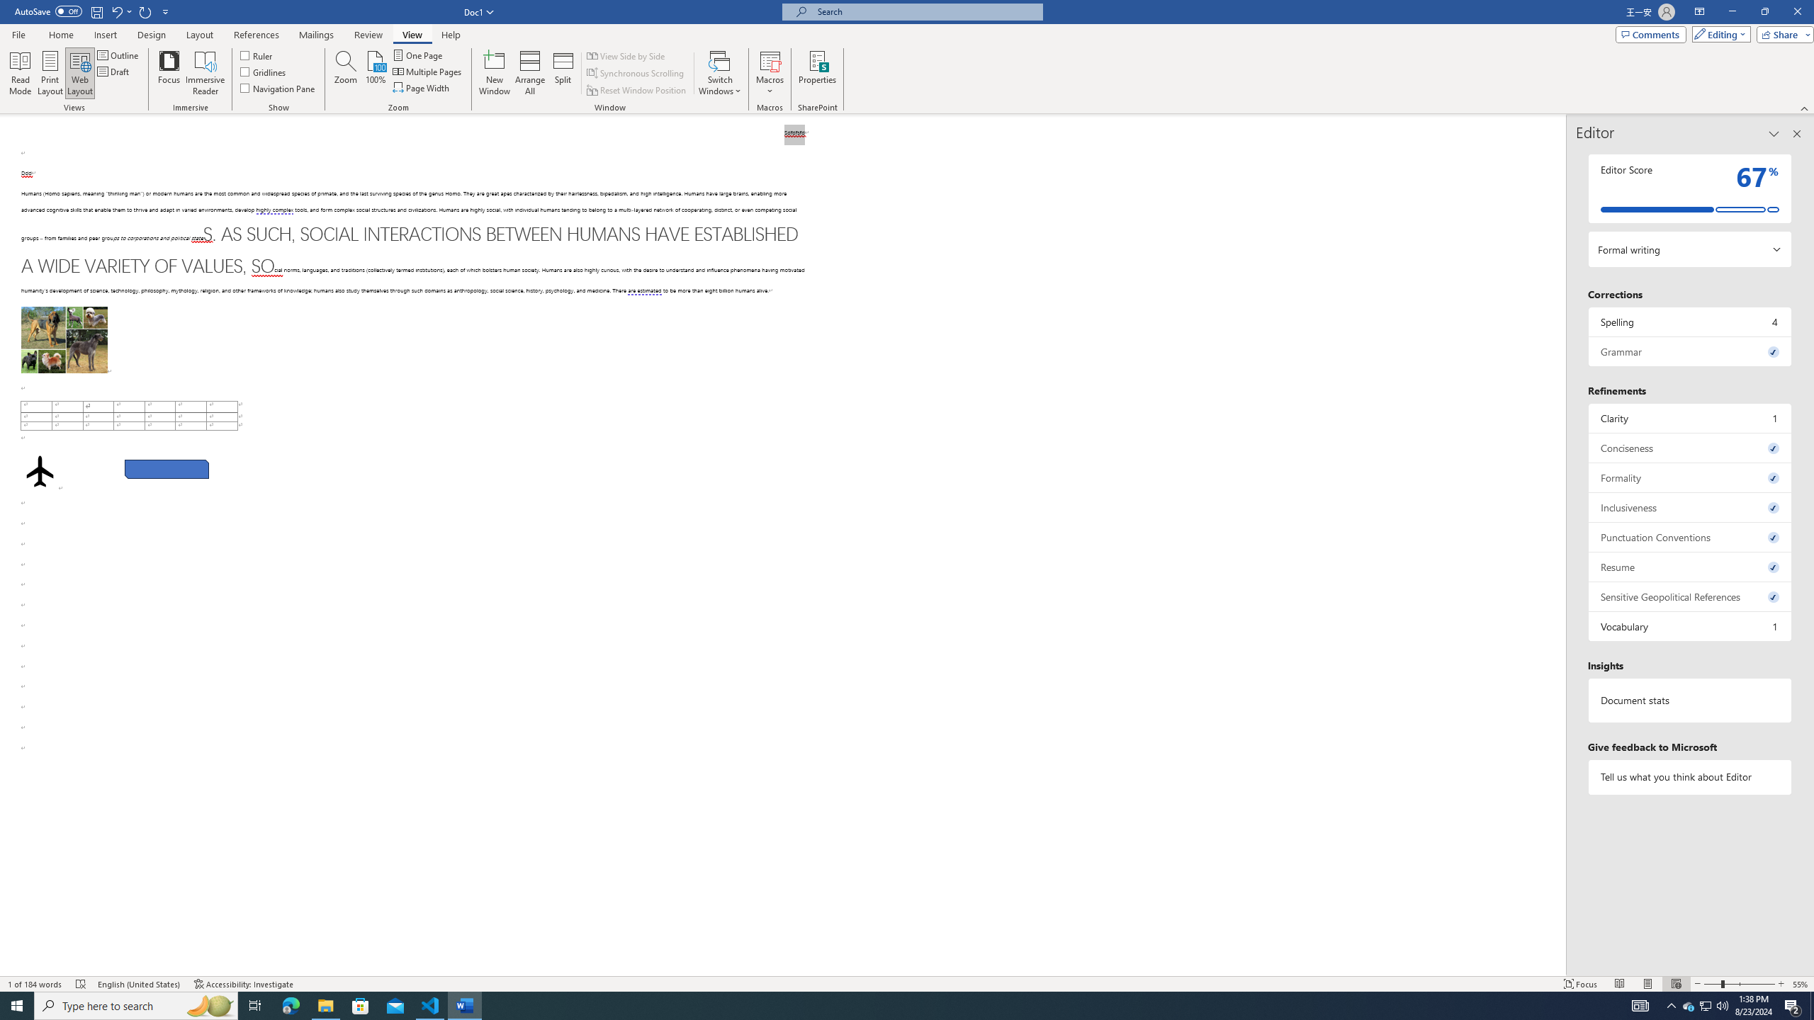  What do you see at coordinates (1689, 321) in the screenshot?
I see `'Spelling, 4 issues. Press space or enter to review items.'` at bounding box center [1689, 321].